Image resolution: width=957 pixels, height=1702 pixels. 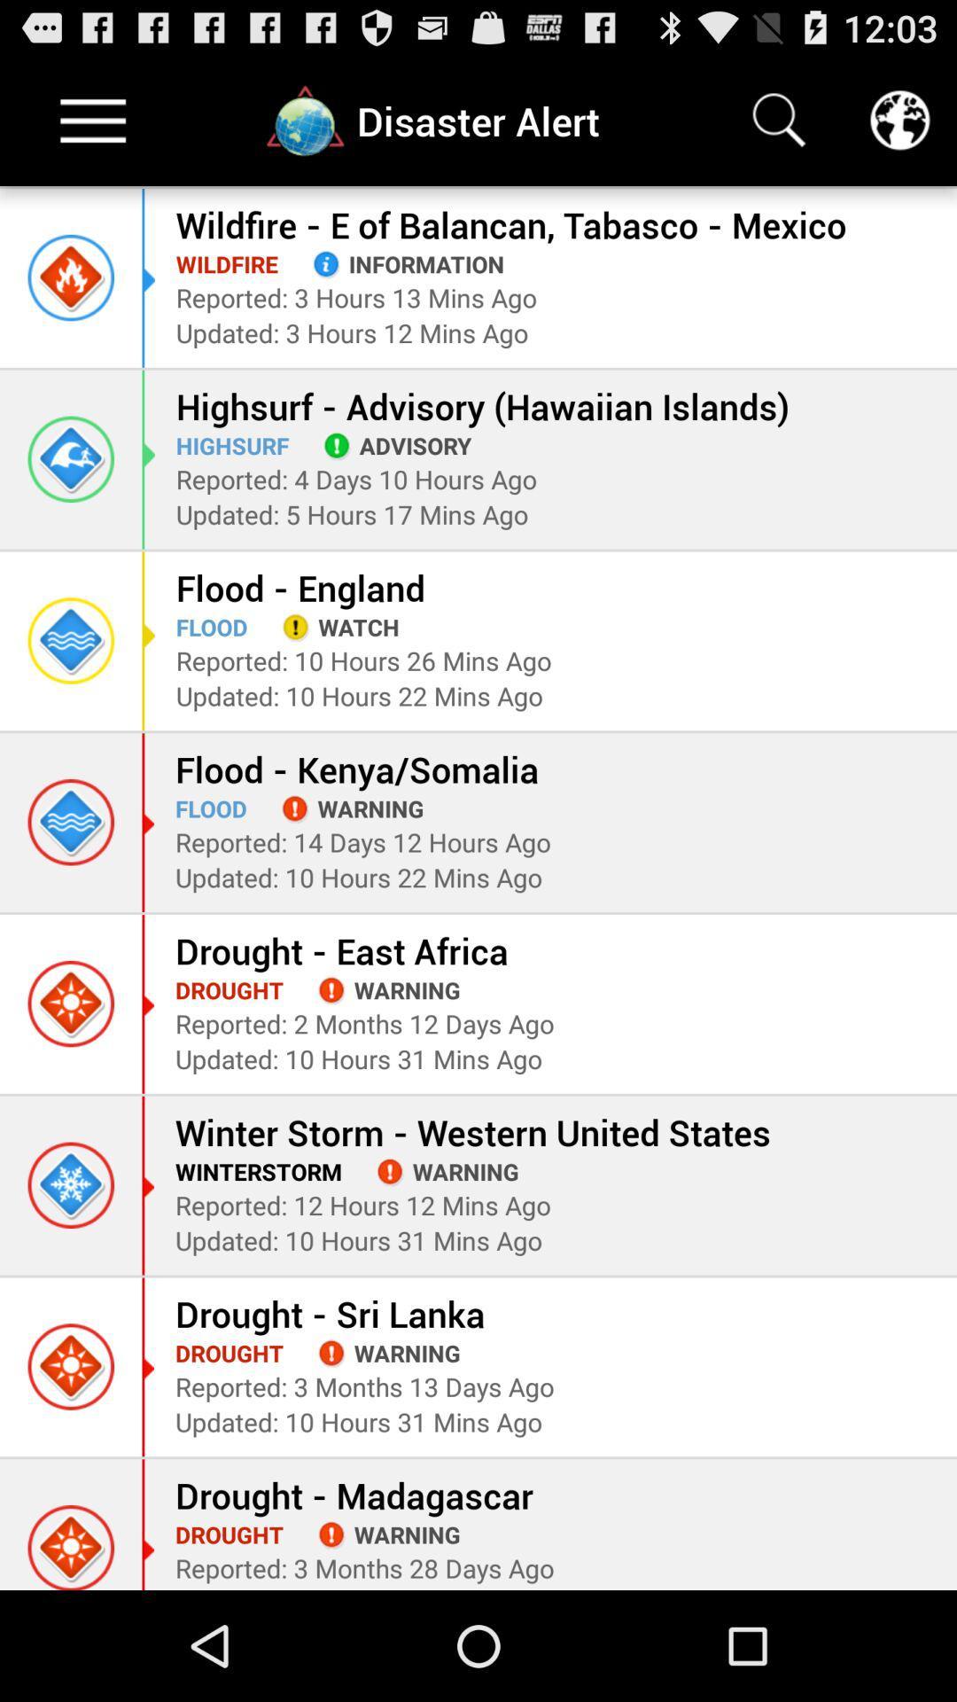 I want to click on search icon, so click(x=778, y=120).